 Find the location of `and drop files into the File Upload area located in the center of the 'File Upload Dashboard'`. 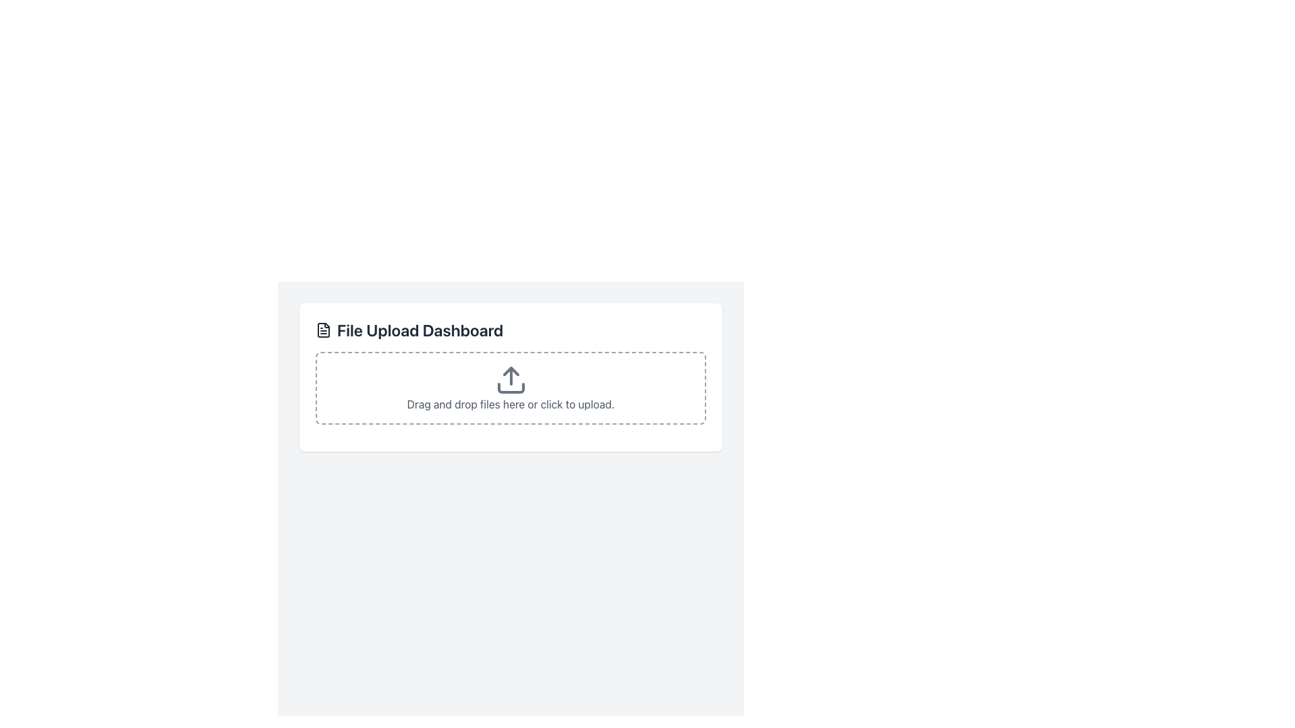

and drop files into the File Upload area located in the center of the 'File Upload Dashboard' is located at coordinates (510, 388).